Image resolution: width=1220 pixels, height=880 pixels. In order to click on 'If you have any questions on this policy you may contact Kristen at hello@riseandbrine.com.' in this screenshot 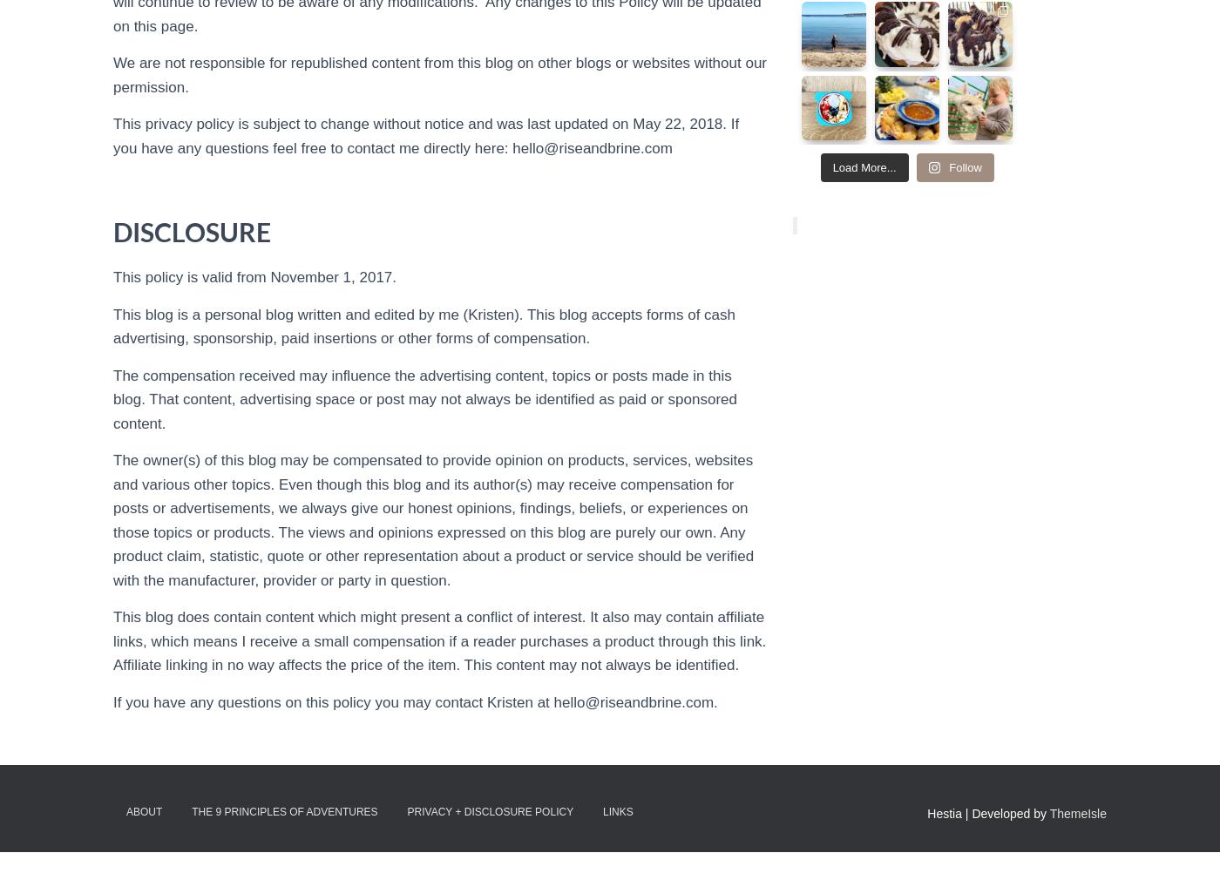, I will do `click(113, 701)`.